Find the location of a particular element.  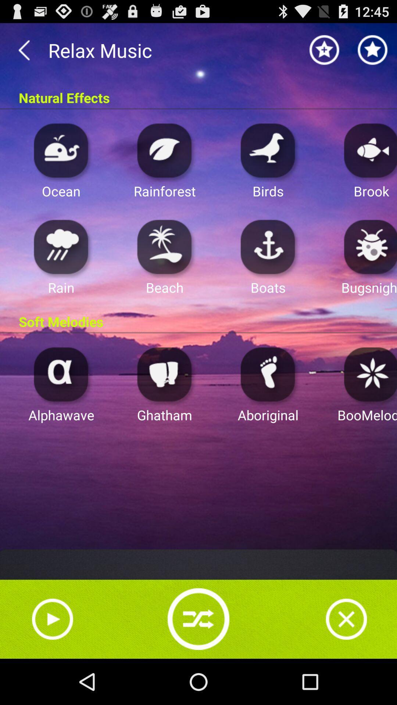

the weather icon is located at coordinates (61, 264).